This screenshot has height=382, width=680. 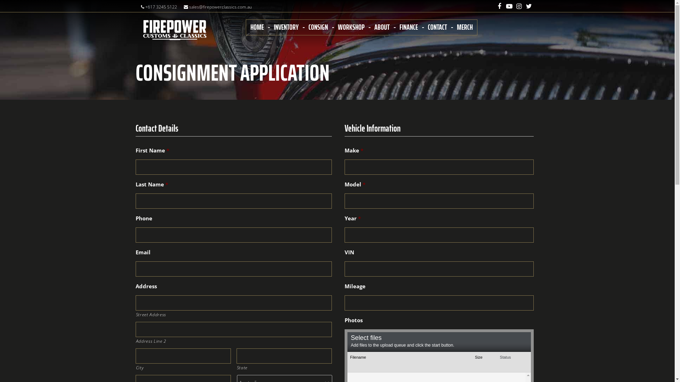 I want to click on 'Twitter', so click(x=529, y=6).